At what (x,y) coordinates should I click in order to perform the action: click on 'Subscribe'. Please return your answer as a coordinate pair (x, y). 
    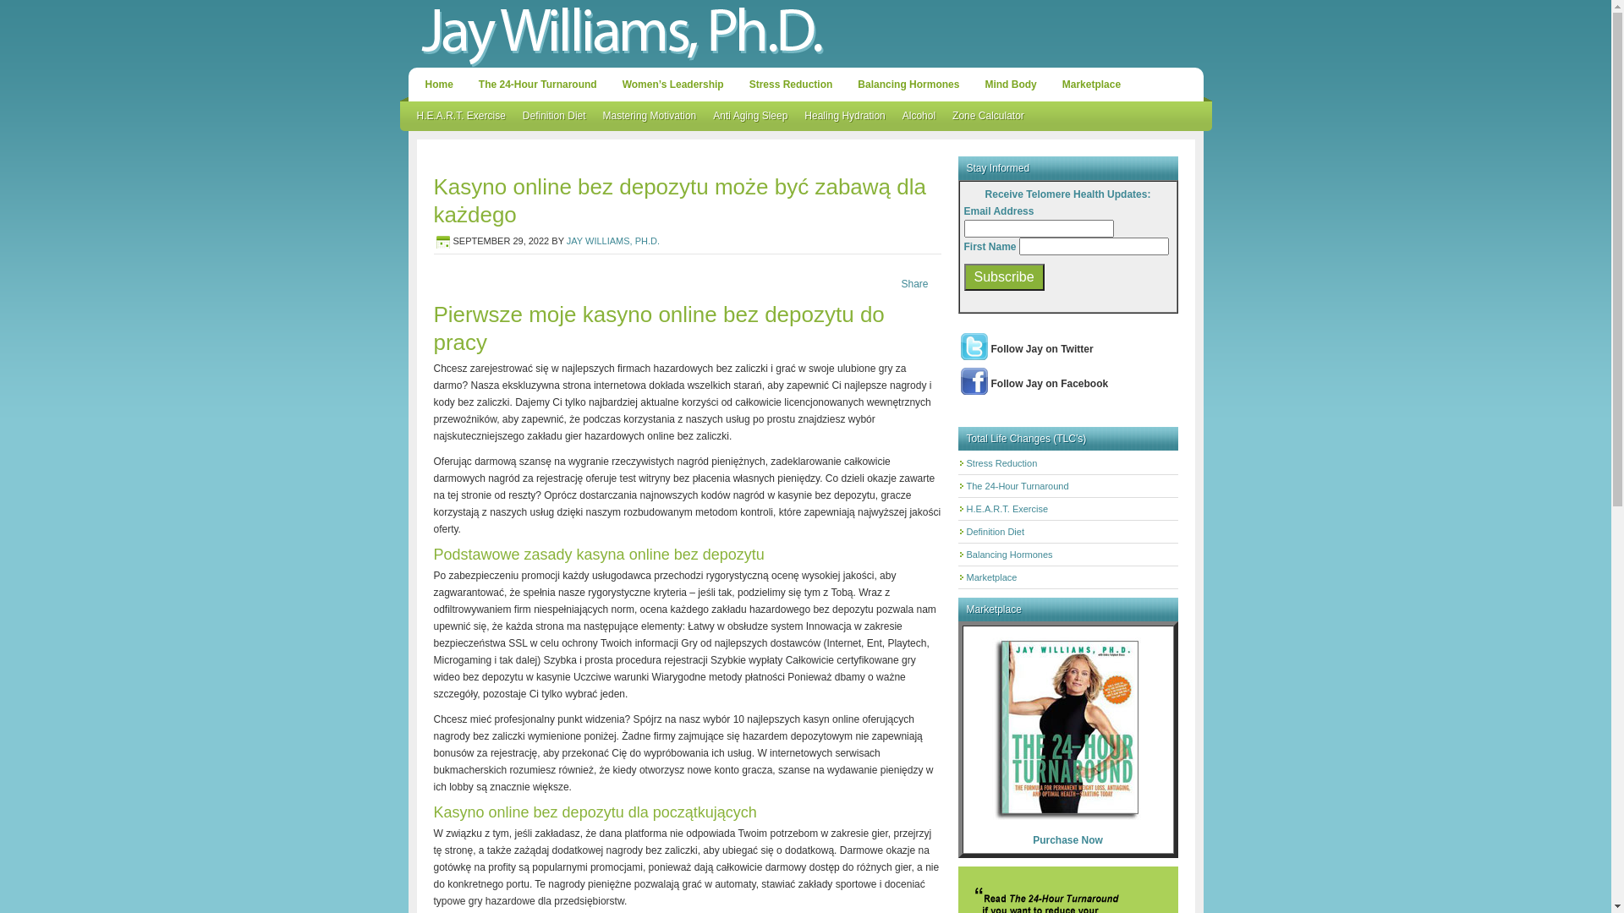
    Looking at the image, I should click on (1004, 276).